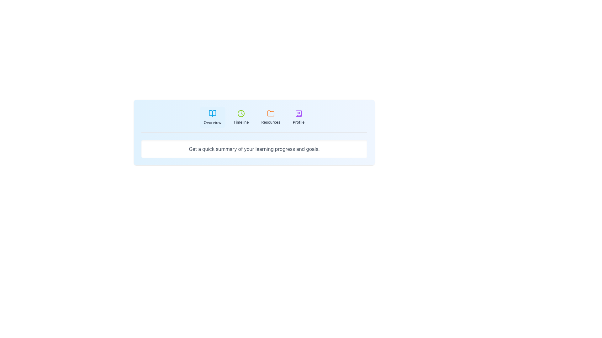 The width and height of the screenshot is (602, 338). I want to click on the text label 'Overview' in the navigation menu, so click(212, 122).